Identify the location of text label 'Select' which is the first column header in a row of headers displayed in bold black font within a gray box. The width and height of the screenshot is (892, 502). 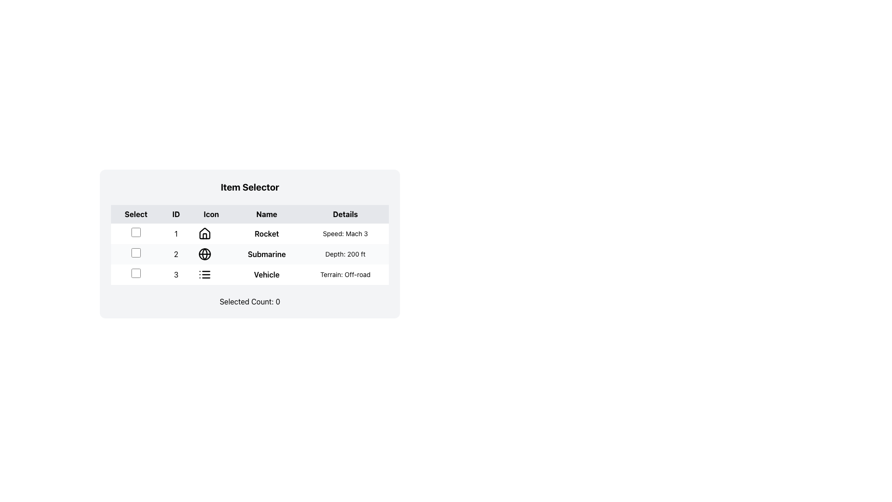
(135, 214).